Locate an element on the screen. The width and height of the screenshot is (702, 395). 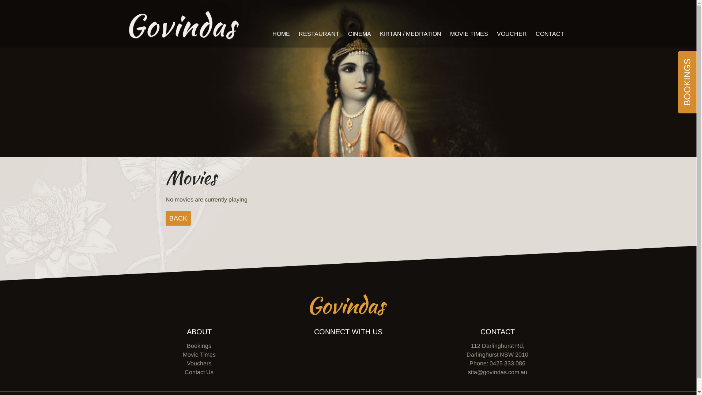
'Movie Times' is located at coordinates (199, 354).